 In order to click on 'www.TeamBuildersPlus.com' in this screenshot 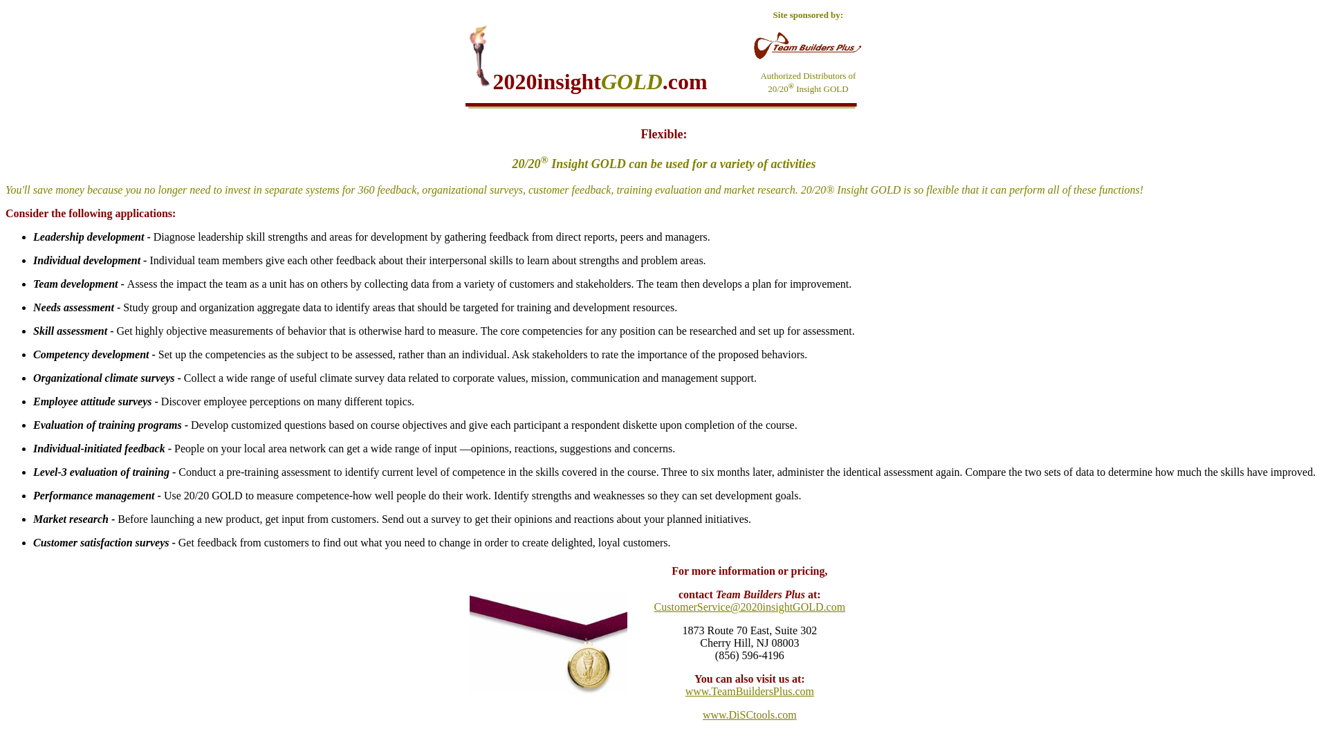, I will do `click(749, 691)`.